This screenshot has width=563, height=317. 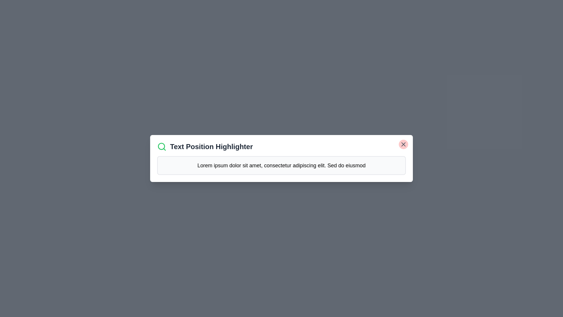 What do you see at coordinates (403, 144) in the screenshot?
I see `the close button at the top-right corner of the dialog` at bounding box center [403, 144].